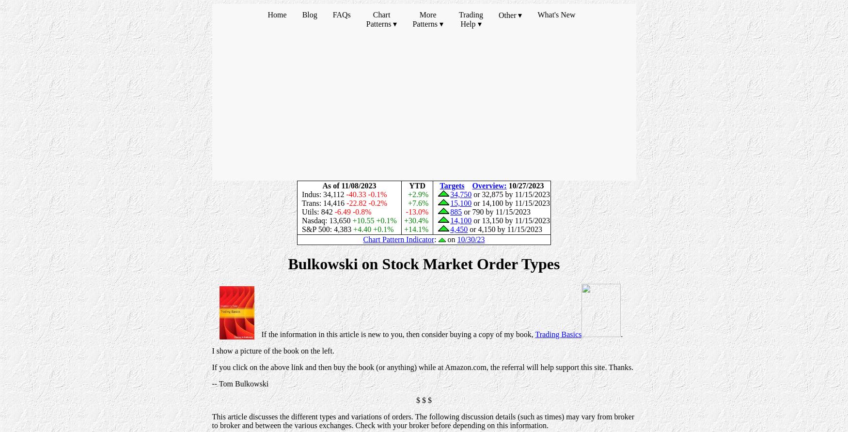  What do you see at coordinates (240, 383) in the screenshot?
I see `'-- Tom Bulkowski'` at bounding box center [240, 383].